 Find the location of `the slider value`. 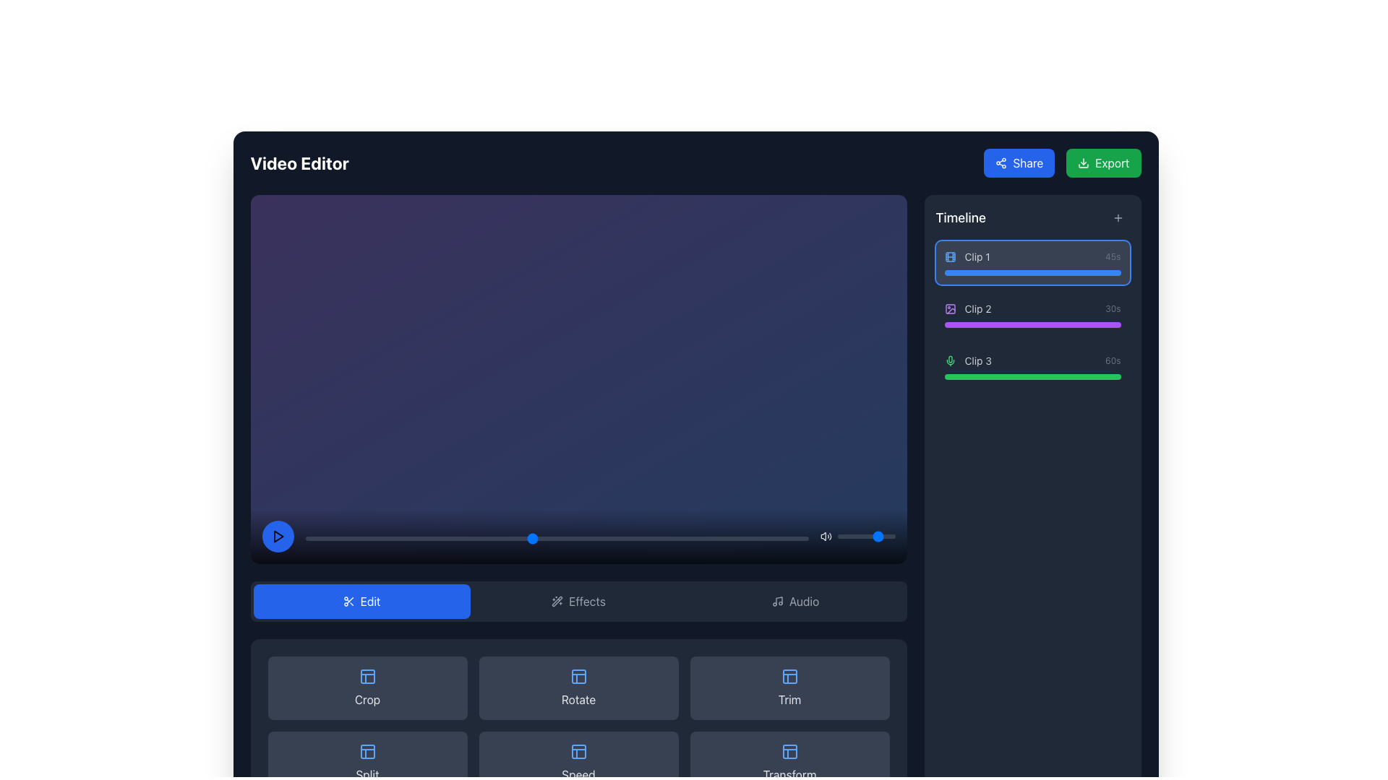

the slider value is located at coordinates (844, 536).